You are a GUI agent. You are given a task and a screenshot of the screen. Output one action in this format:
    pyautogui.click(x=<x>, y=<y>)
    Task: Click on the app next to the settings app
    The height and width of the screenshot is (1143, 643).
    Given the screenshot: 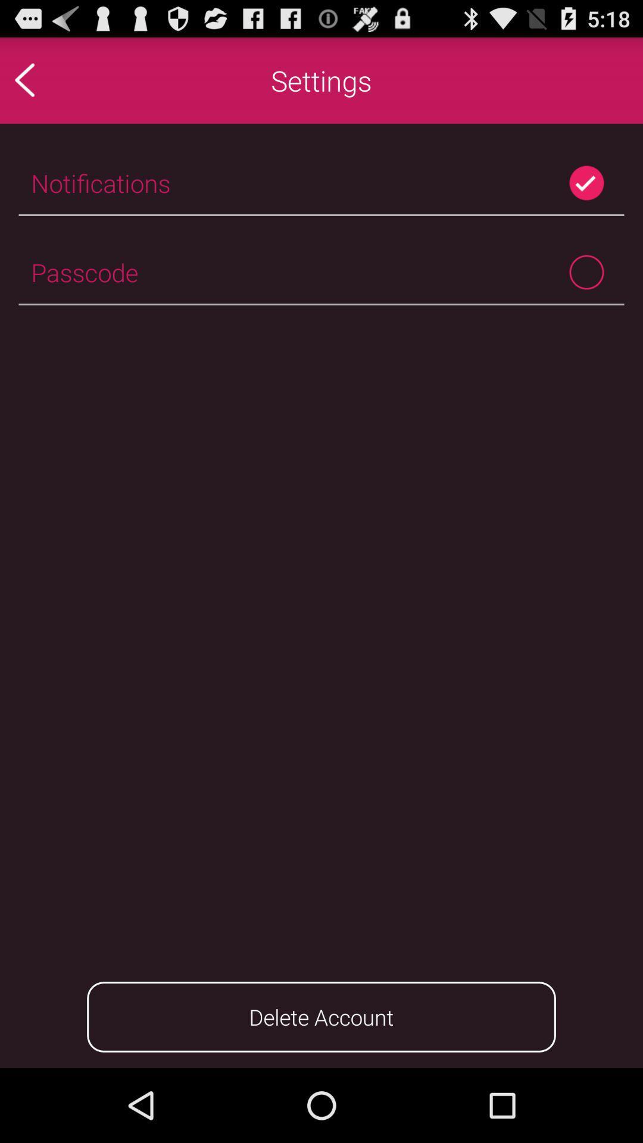 What is the action you would take?
    pyautogui.click(x=49, y=79)
    